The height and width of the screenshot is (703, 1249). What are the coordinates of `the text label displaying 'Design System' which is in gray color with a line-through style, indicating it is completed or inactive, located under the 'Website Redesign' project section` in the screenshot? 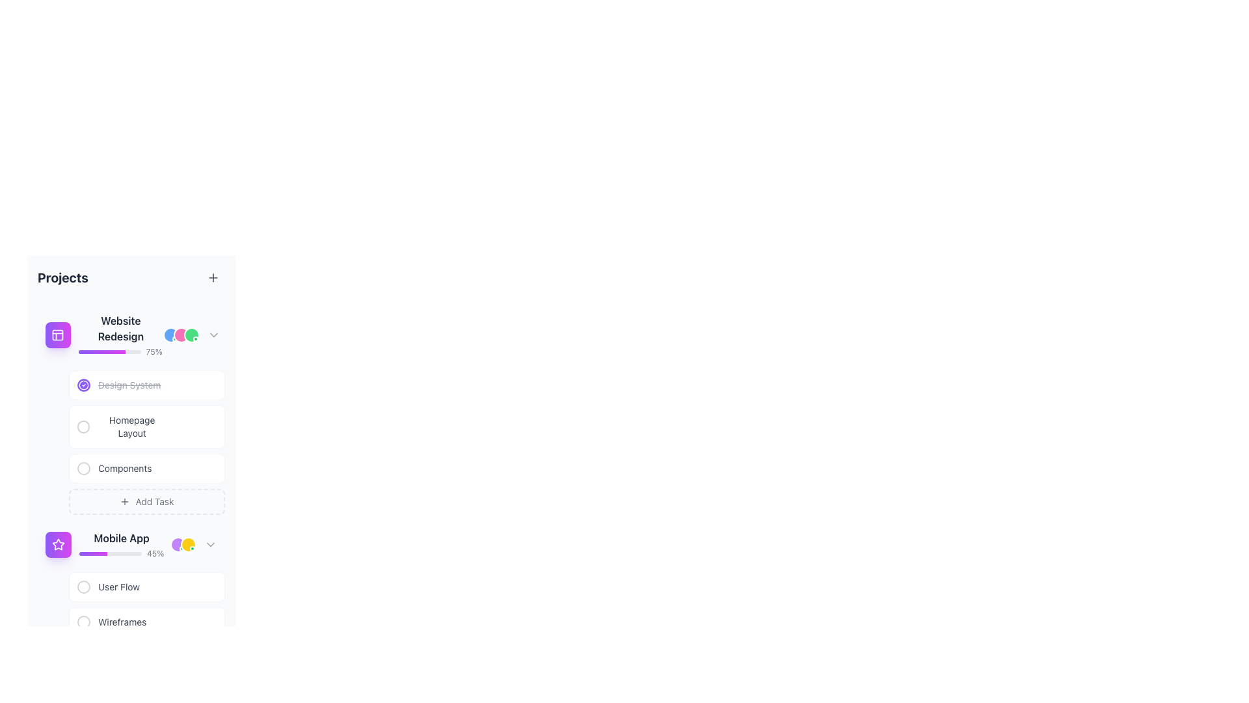 It's located at (119, 384).